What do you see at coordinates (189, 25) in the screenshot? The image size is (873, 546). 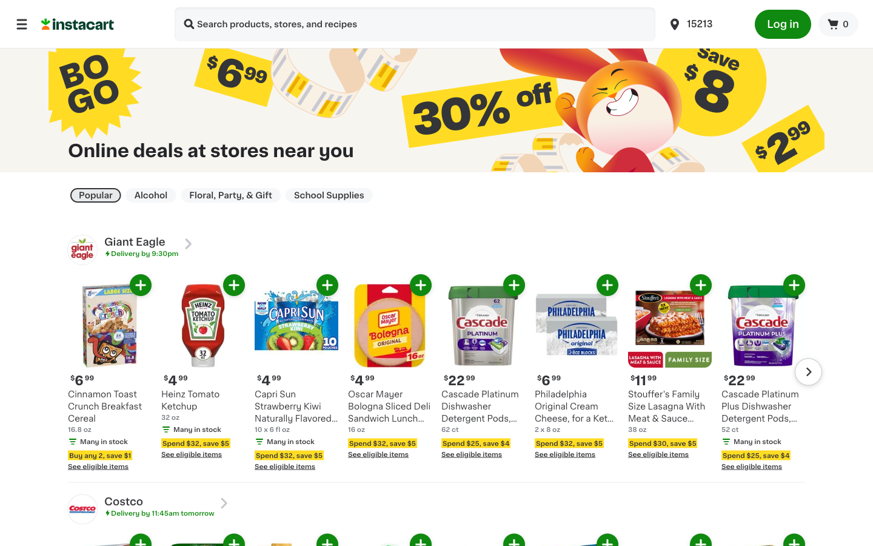 I see `retailers providing speedy delivery services for Hand Sanitizers` at bounding box center [189, 25].